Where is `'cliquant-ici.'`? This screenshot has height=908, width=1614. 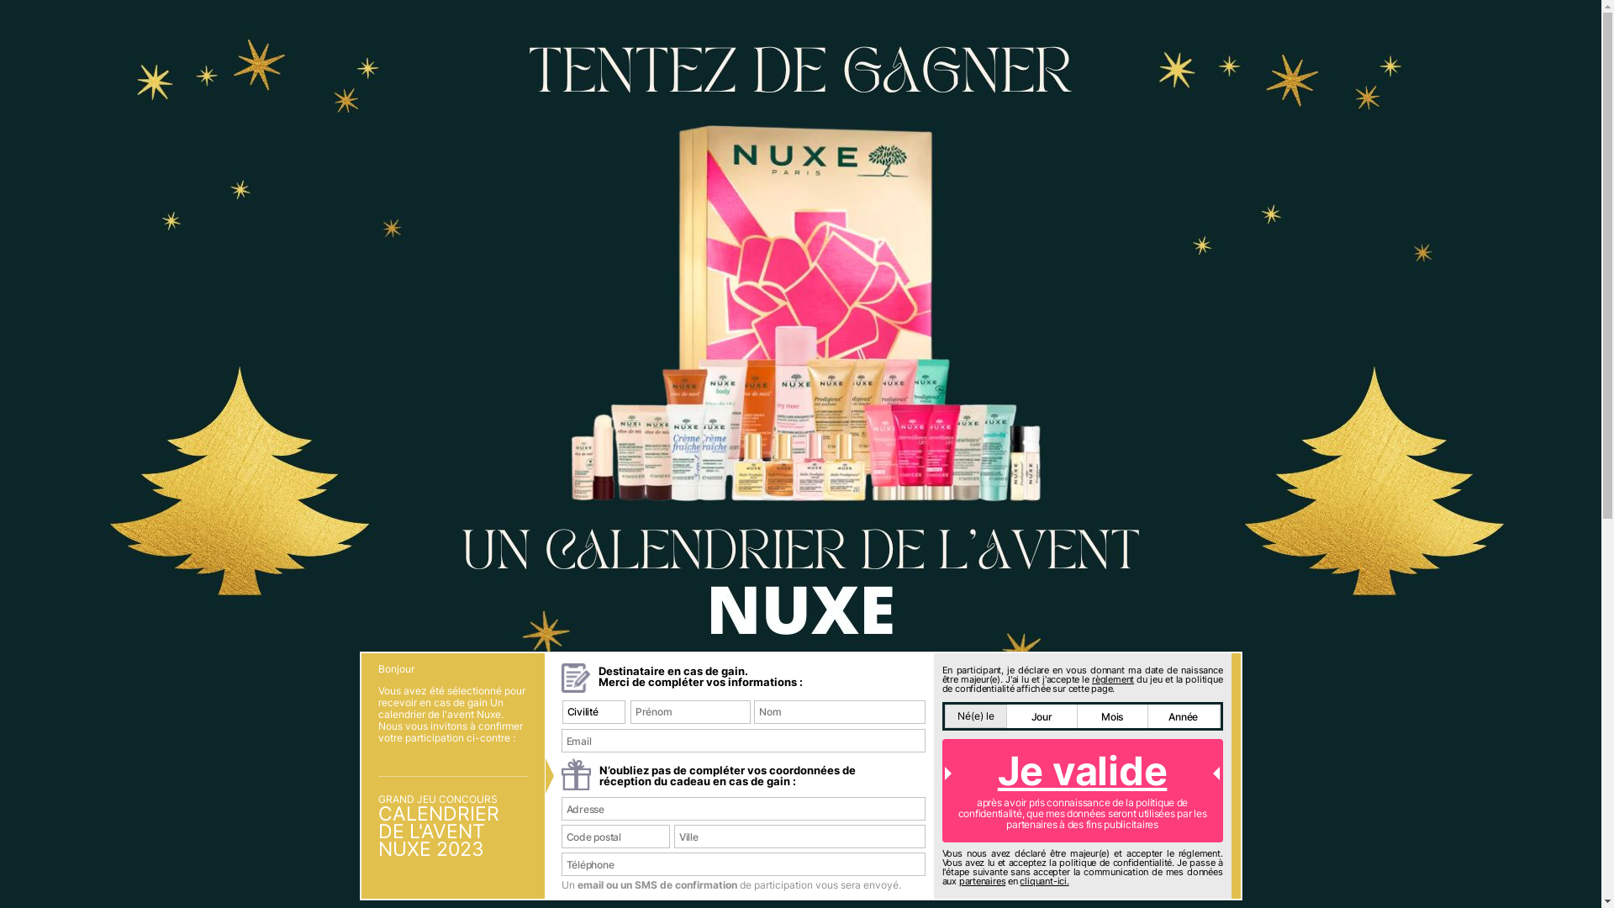
'cliquant-ici.' is located at coordinates (1043, 880).